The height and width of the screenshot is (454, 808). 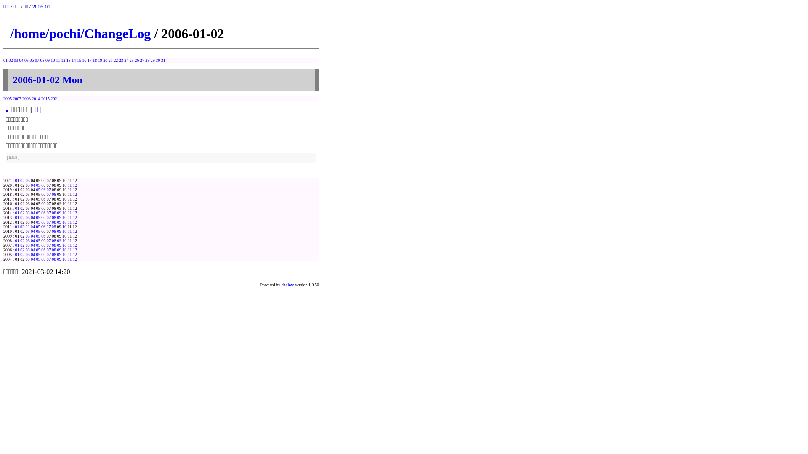 What do you see at coordinates (72, 231) in the screenshot?
I see `'12'` at bounding box center [72, 231].